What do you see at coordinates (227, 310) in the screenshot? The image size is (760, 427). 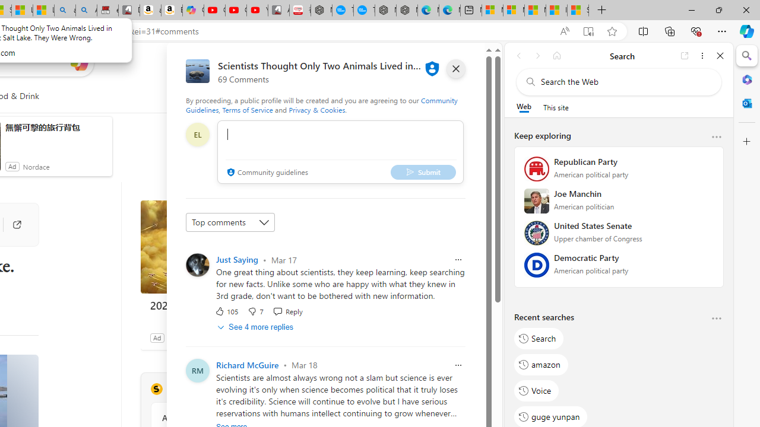 I see `'105 Like'` at bounding box center [227, 310].